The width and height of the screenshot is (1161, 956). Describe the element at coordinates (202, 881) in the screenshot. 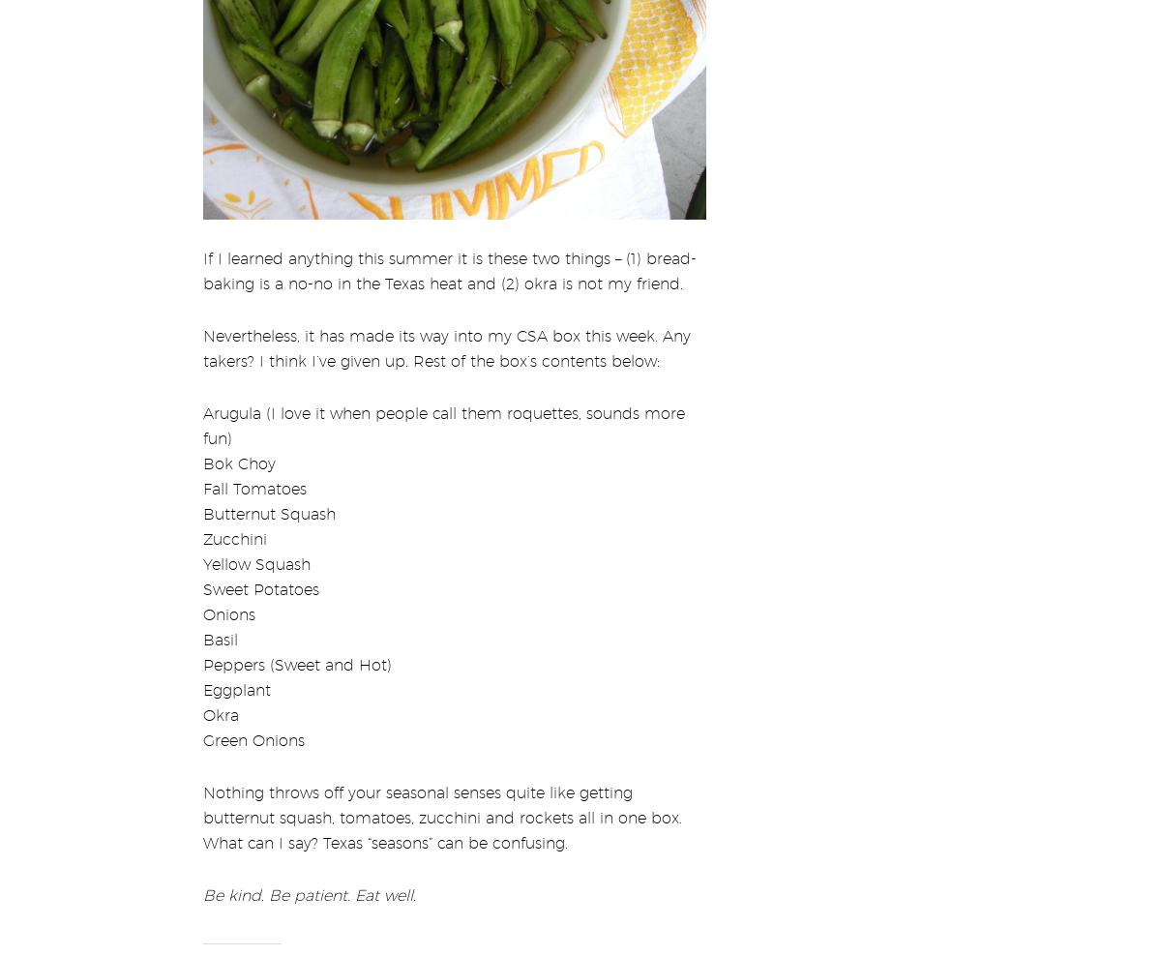

I see `'Be kind. Be patient. Eat well.'` at that location.